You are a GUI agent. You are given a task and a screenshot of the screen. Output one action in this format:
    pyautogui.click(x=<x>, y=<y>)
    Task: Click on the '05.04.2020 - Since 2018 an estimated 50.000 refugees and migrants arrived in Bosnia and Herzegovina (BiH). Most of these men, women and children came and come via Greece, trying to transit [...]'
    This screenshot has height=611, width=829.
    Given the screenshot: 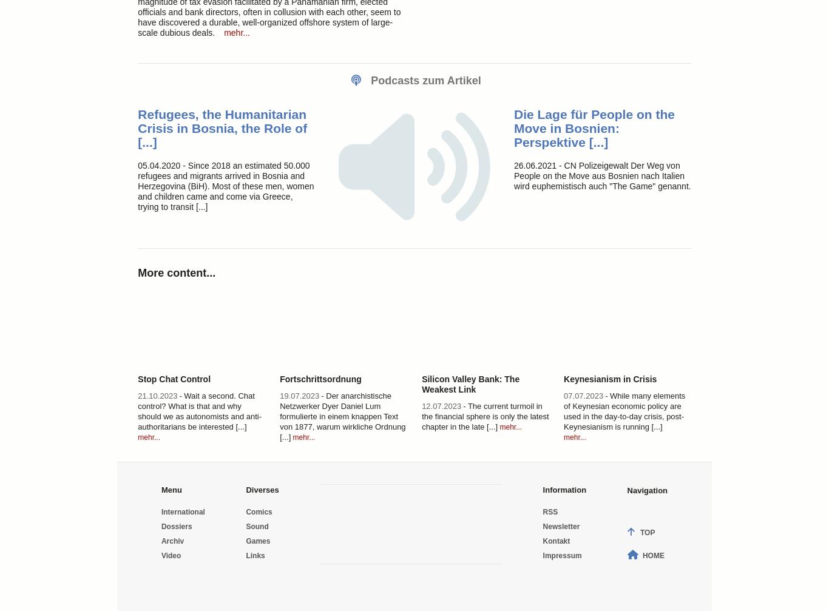 What is the action you would take?
    pyautogui.click(x=137, y=186)
    